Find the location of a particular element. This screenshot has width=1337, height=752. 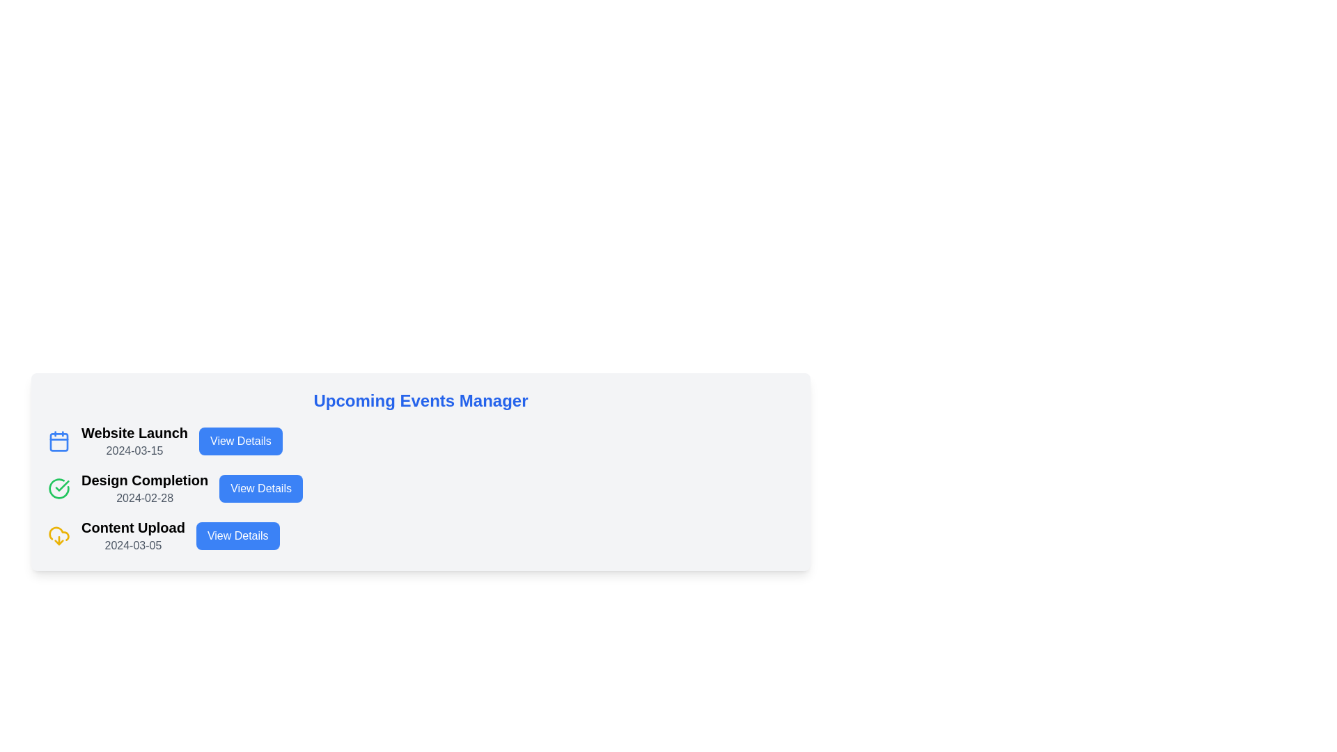

the text label indicating the name or description of the event, which is located within a white card component, directly below the 'Website Launch' heading and above the 'Content Upload' heading, and to the left of the blue 'View Details' button is located at coordinates (145, 480).